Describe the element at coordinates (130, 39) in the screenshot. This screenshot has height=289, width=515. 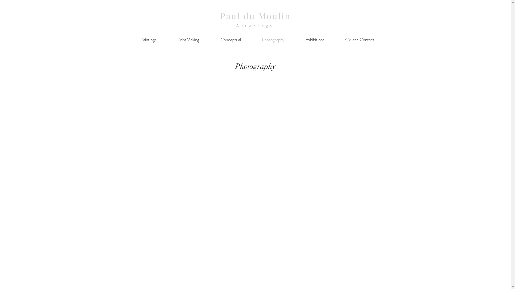
I see `'Paintings'` at that location.